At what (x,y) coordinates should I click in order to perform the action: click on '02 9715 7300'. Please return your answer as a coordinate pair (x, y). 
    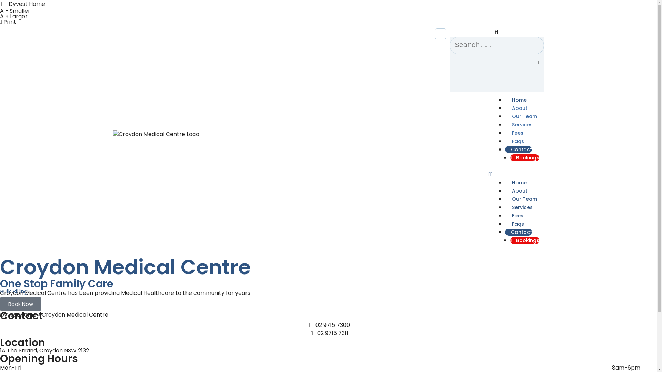
    Looking at the image, I should click on (328, 325).